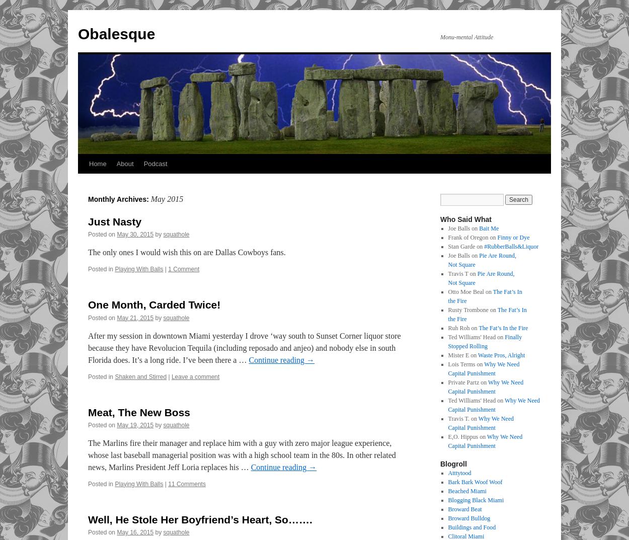  Describe the element at coordinates (119, 199) in the screenshot. I see `'Monthly Archives:'` at that location.